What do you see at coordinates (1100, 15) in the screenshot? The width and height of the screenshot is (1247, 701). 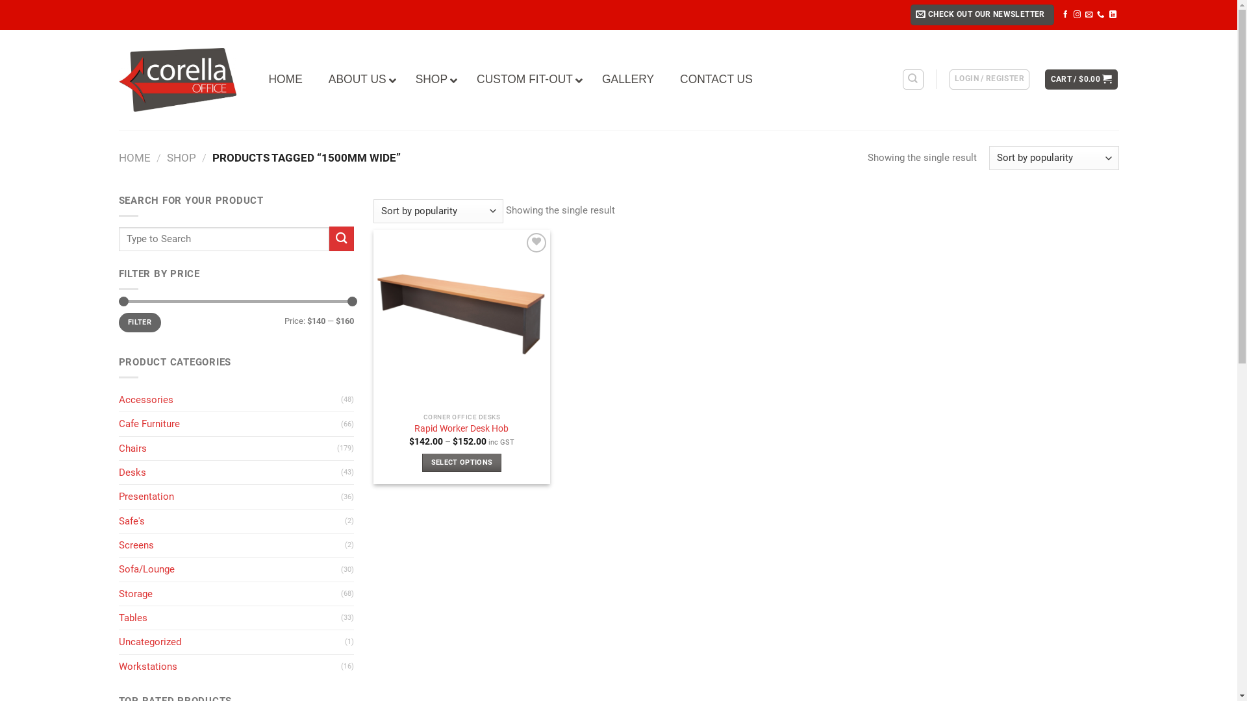 I see `'Call us'` at bounding box center [1100, 15].